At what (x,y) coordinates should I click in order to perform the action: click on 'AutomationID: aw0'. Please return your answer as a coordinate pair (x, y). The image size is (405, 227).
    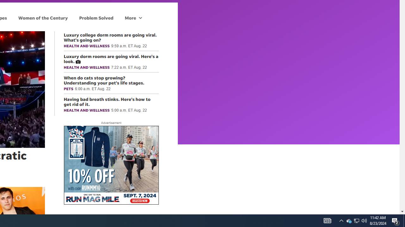
    Looking at the image, I should click on (111, 165).